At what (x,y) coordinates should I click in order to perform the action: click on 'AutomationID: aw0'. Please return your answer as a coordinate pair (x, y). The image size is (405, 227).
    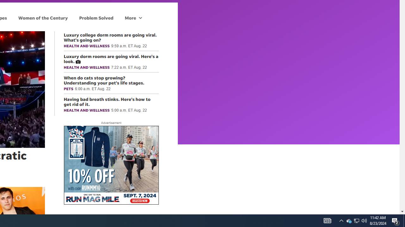
    Looking at the image, I should click on (111, 165).